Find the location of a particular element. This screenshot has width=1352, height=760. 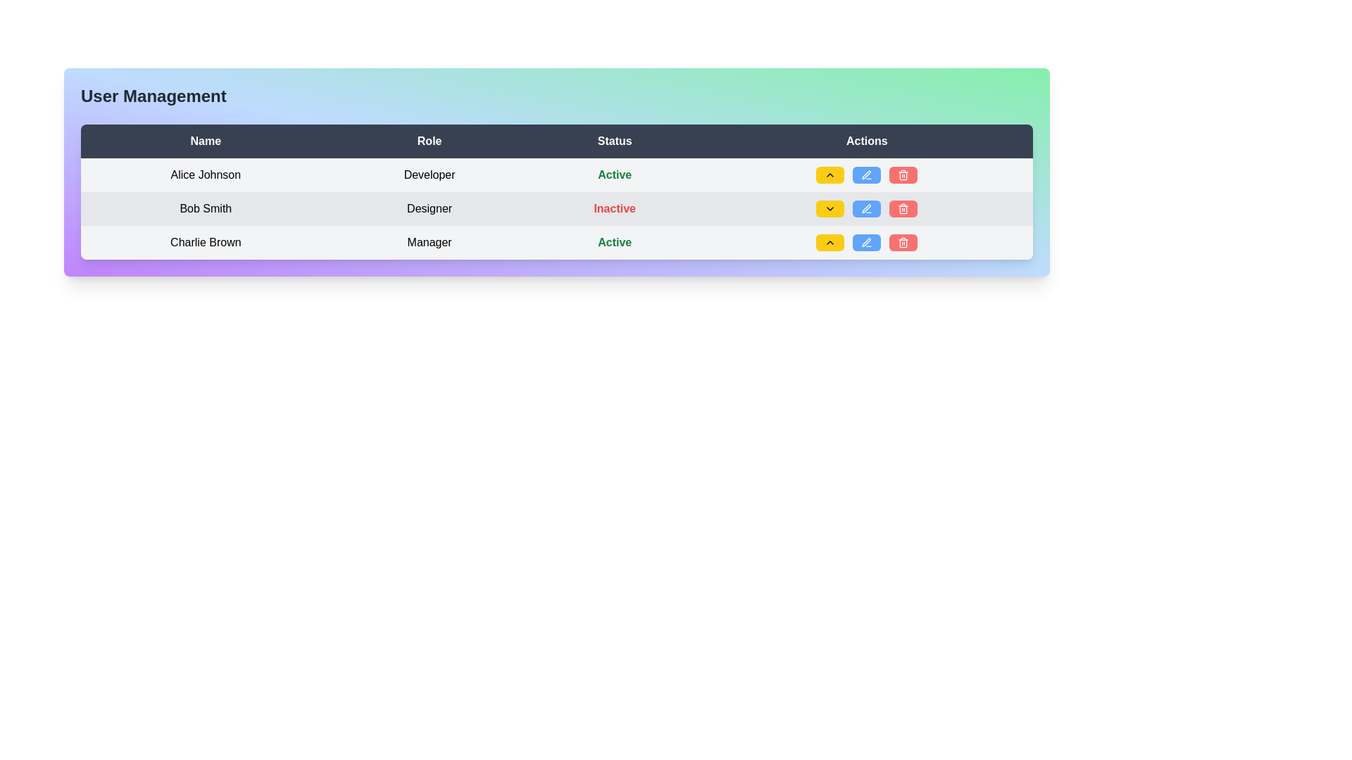

the 'Role' text label for 'Bob Smith' in the user management table located in the second row is located at coordinates (429, 209).